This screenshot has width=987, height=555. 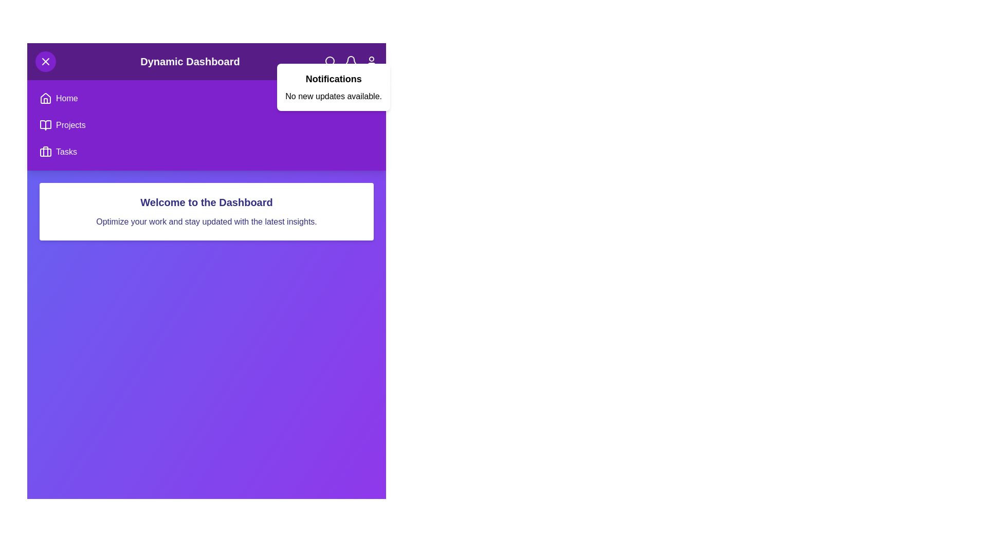 What do you see at coordinates (66, 99) in the screenshot?
I see `the Home link in the menu` at bounding box center [66, 99].